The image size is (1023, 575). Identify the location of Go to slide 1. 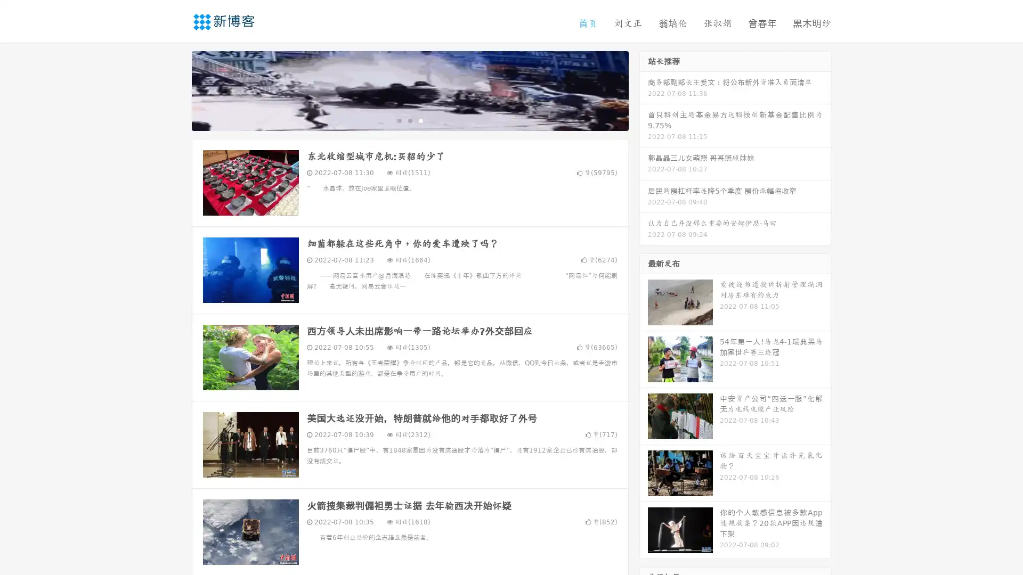
(399, 120).